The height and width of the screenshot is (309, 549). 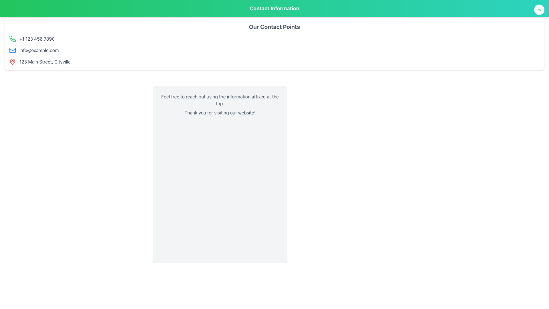 What do you see at coordinates (274, 9) in the screenshot?
I see `the 'Contact Information' text label, which is prominently displayed in bold and large font within the green header bar at the top of the interface` at bounding box center [274, 9].